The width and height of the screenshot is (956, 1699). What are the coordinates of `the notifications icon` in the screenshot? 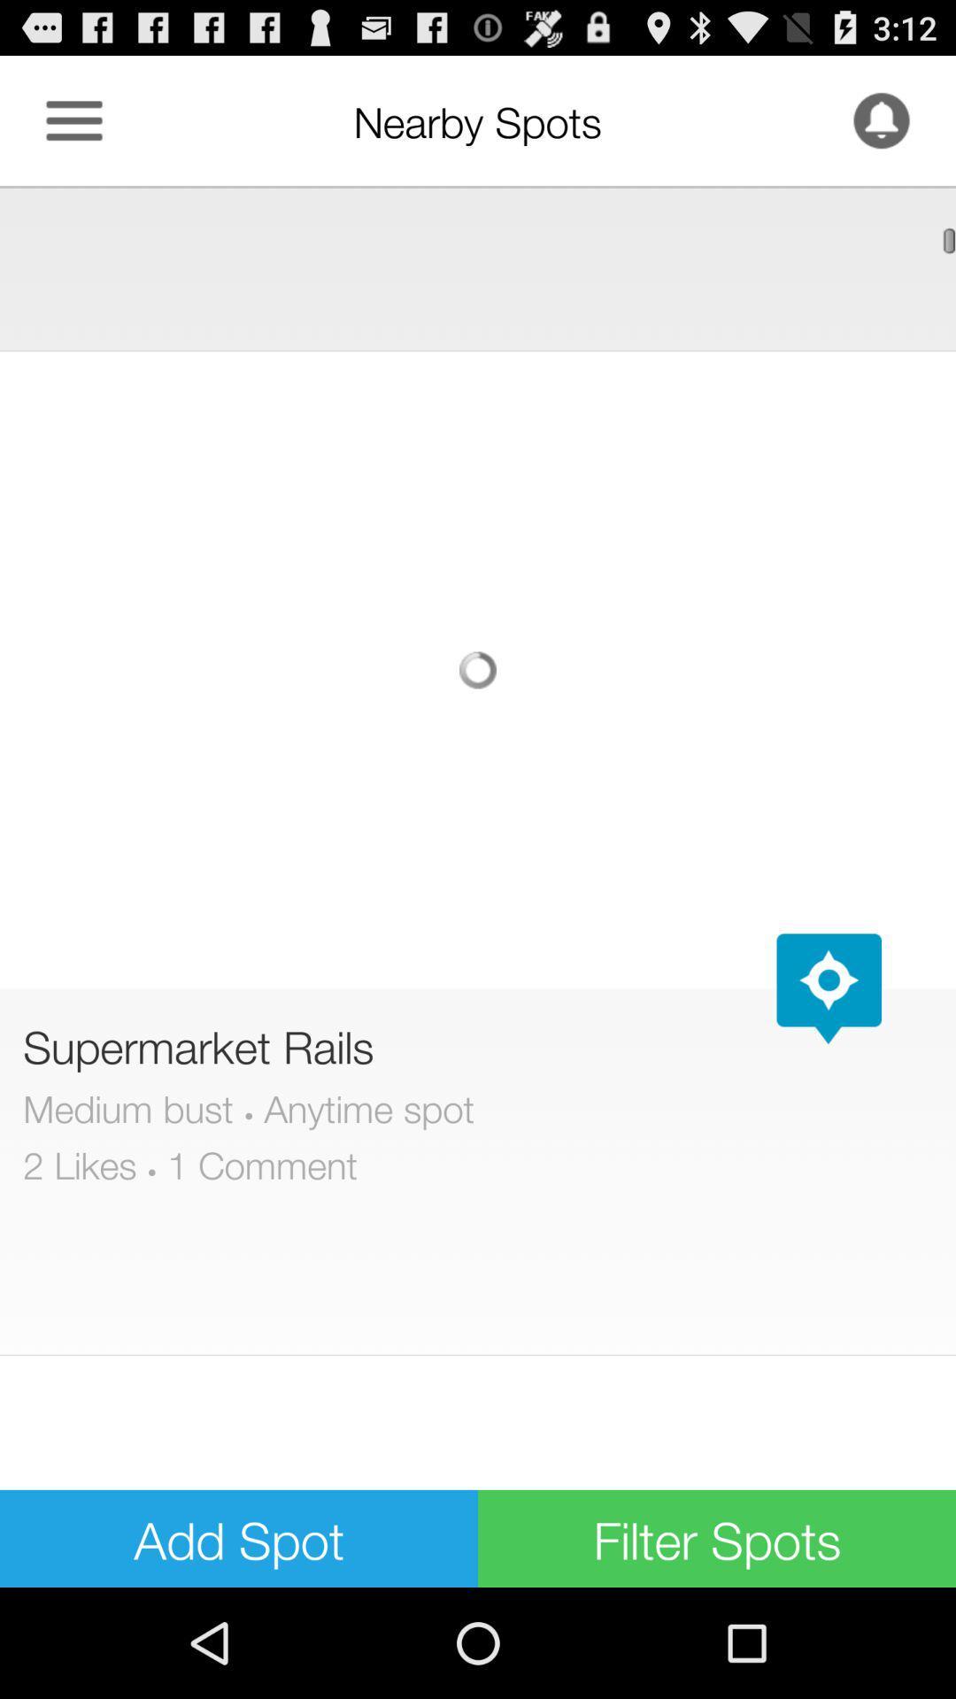 It's located at (881, 128).